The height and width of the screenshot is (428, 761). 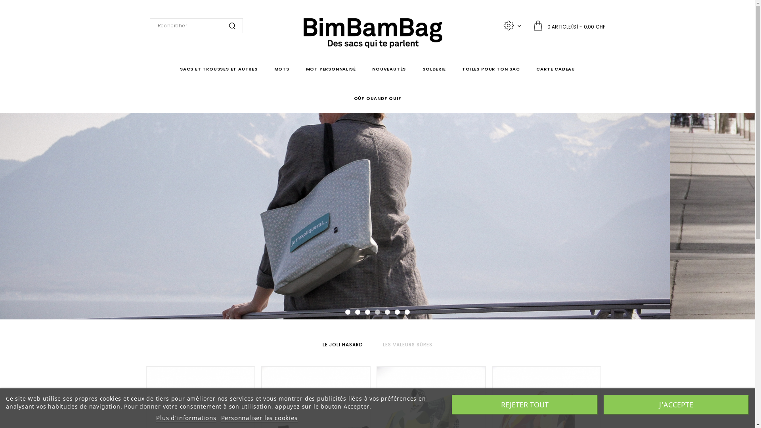 I want to click on 'MOTS', so click(x=281, y=68).